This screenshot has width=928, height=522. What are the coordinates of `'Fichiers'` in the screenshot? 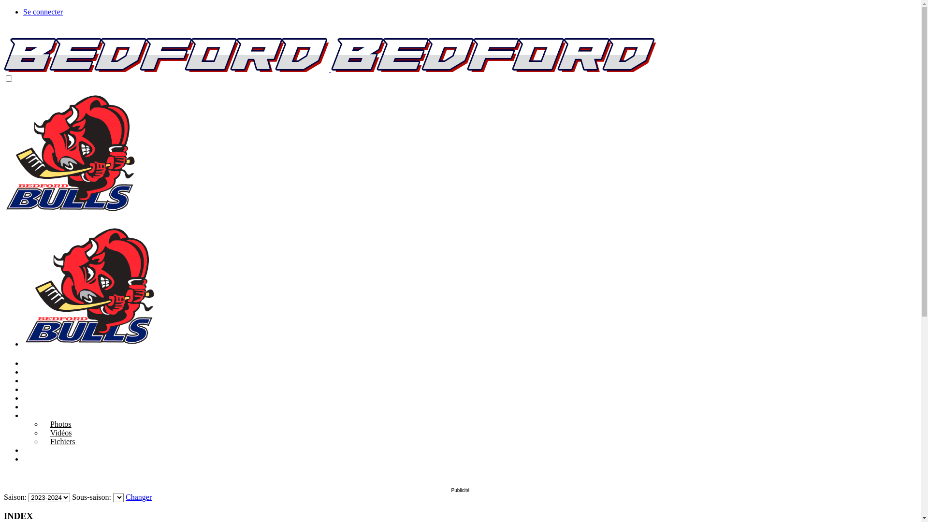 It's located at (42, 441).